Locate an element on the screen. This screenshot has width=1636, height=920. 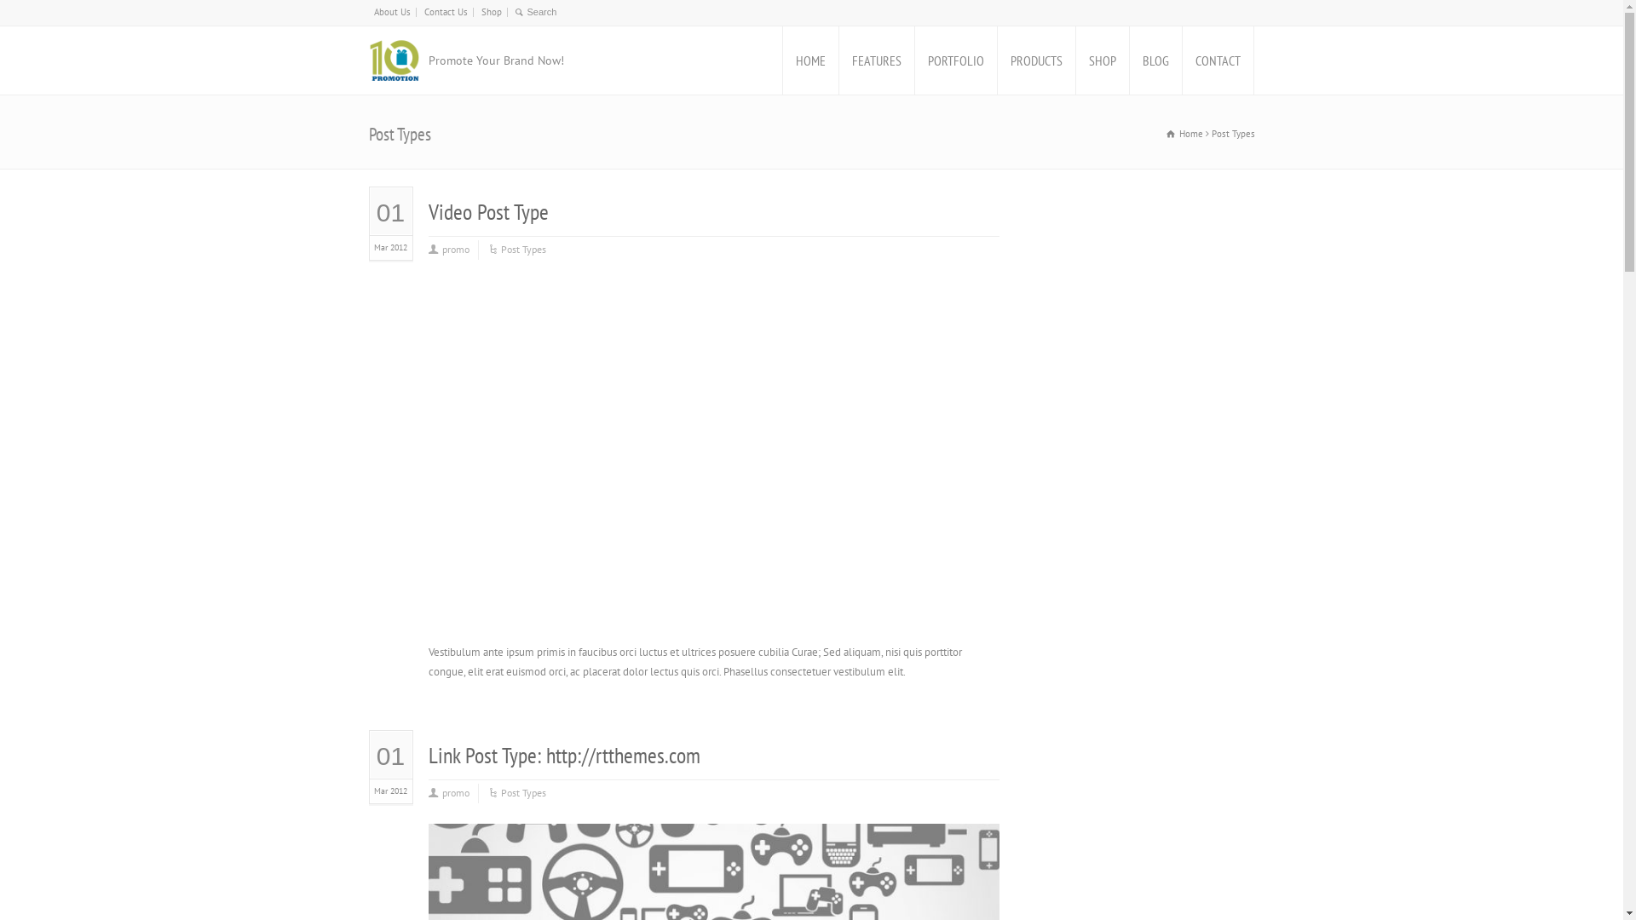
'Video Post Type' is located at coordinates (487, 210).